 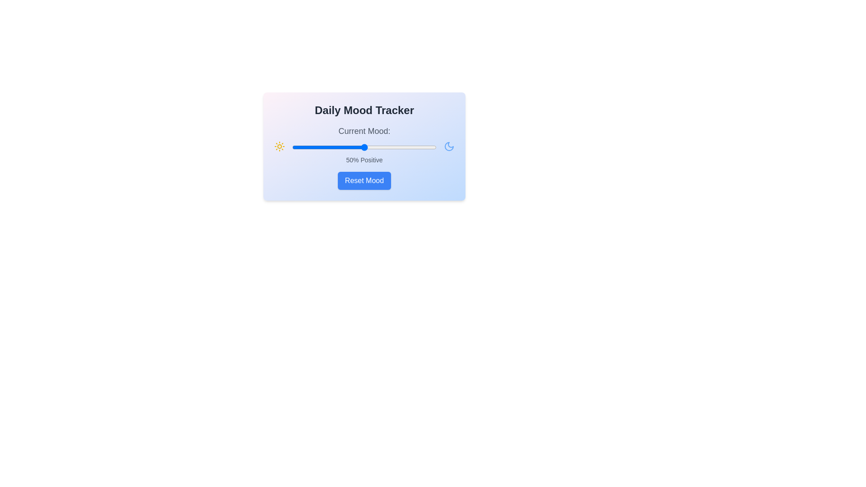 I want to click on the bright yellow sun icon, which is the first icon in the 'Current Mood' section, indicating a sunny state, so click(x=279, y=146).